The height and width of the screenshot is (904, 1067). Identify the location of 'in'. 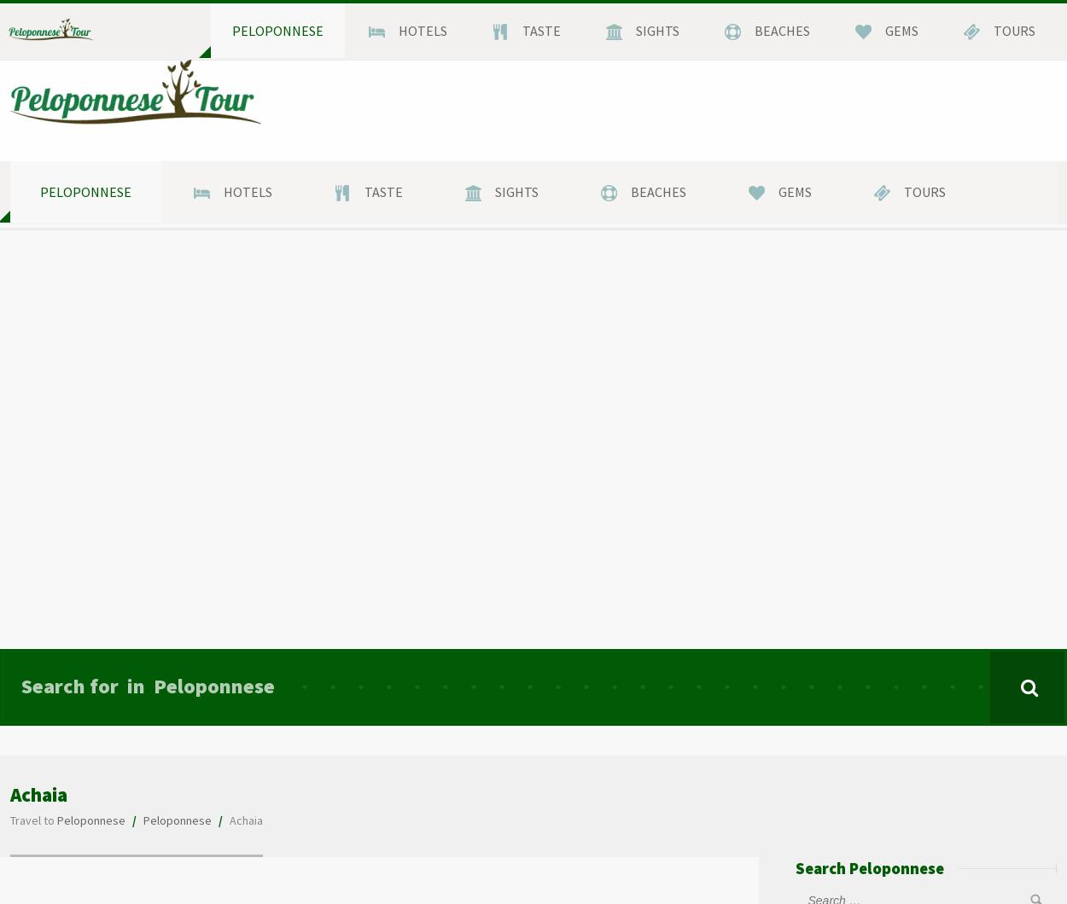
(136, 685).